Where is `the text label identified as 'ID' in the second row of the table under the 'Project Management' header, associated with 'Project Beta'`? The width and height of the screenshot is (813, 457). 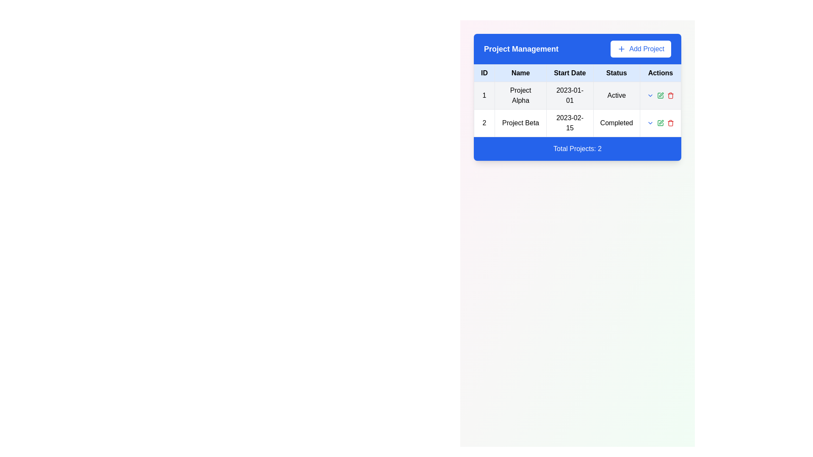 the text label identified as 'ID' in the second row of the table under the 'Project Management' header, associated with 'Project Beta' is located at coordinates (484, 123).